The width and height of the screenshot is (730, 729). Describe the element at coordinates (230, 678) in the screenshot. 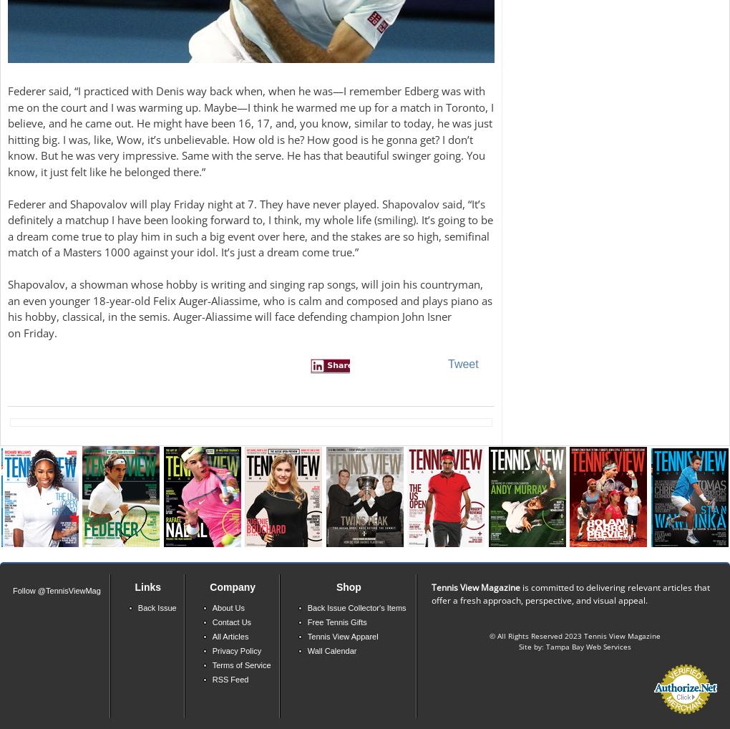

I see `'RSS Feed'` at that location.